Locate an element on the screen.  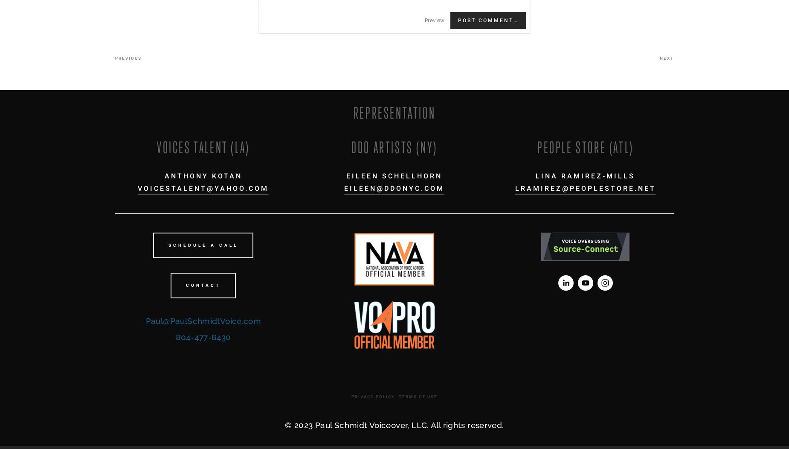
'Lina Ramirez-Mills' is located at coordinates (585, 175).